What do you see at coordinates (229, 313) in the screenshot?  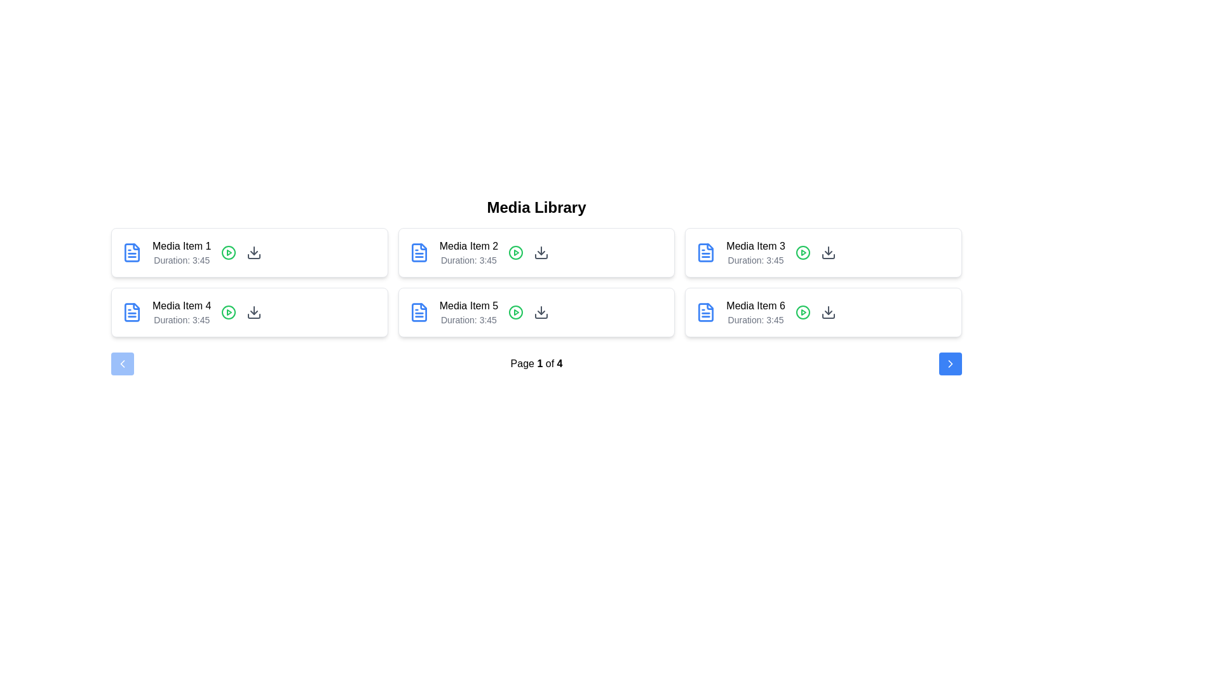 I see `the play button icon located at the center of the 'Media Item 4' card in the bottom-left segment of the interface` at bounding box center [229, 313].